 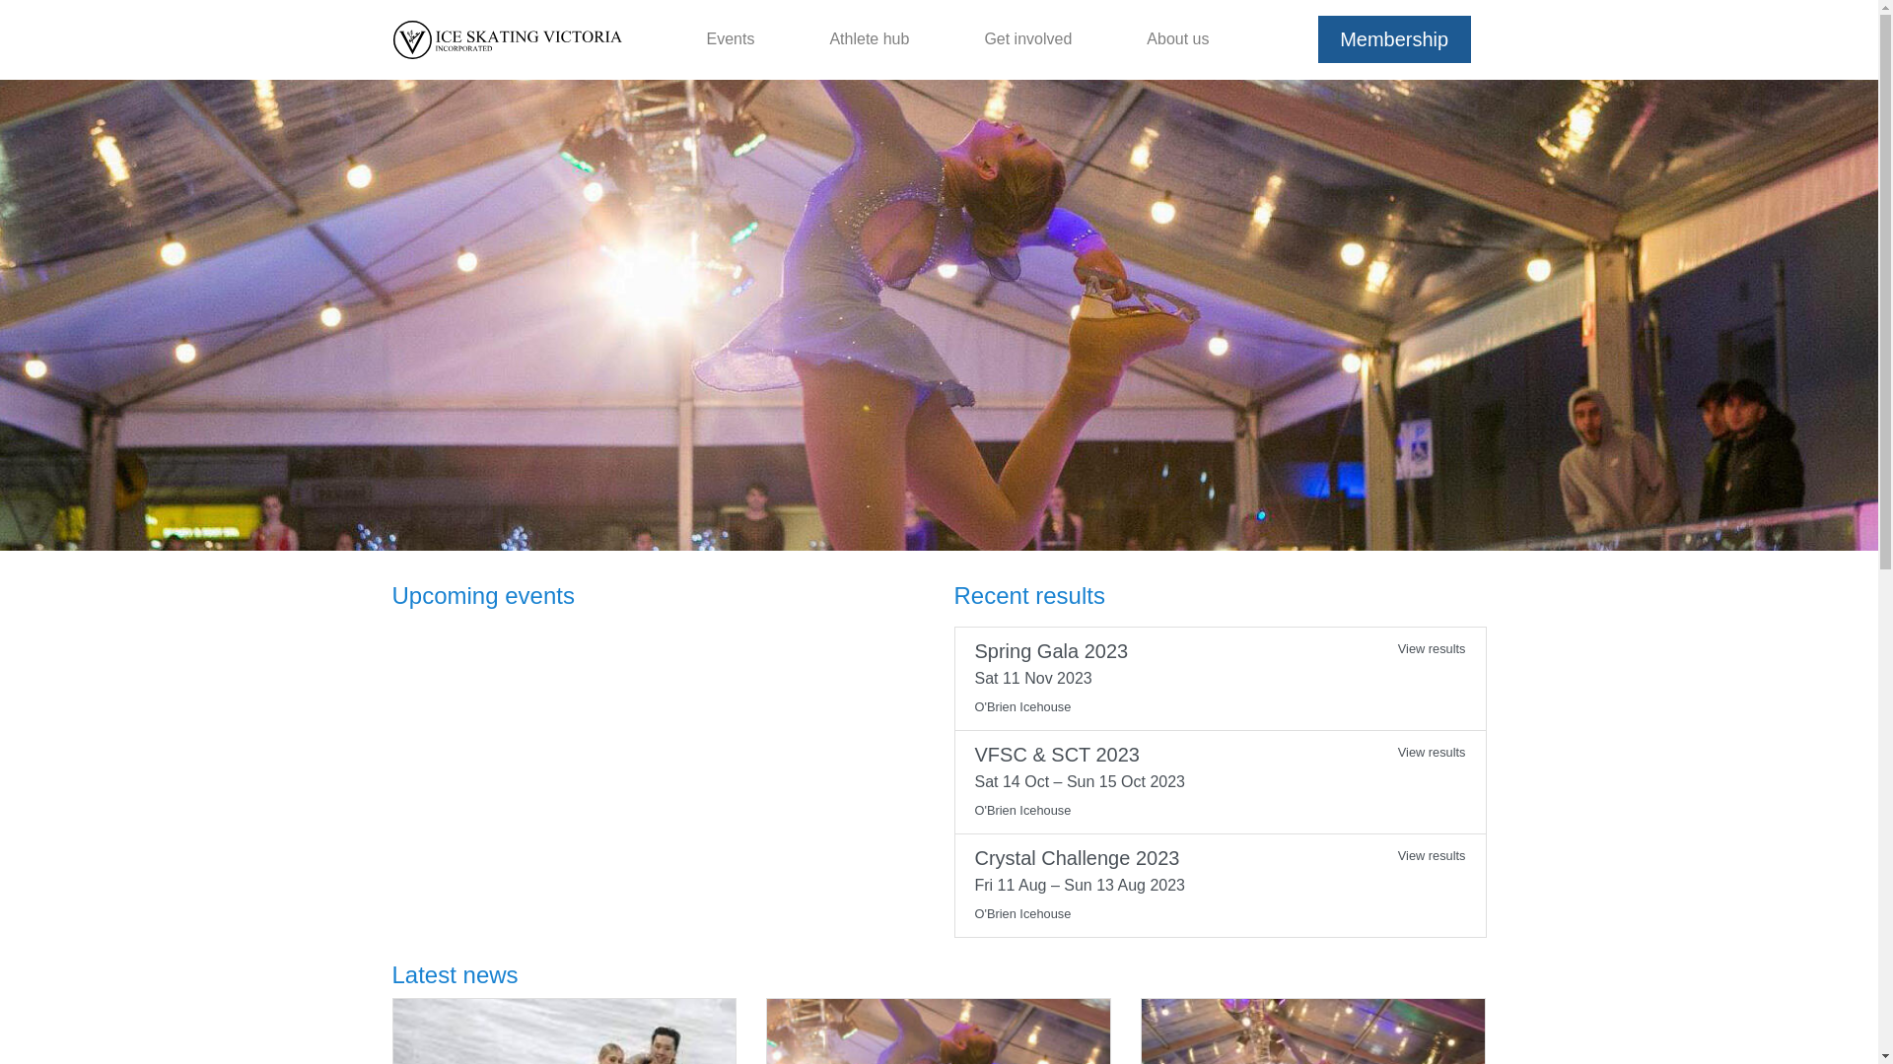 What do you see at coordinates (868, 38) in the screenshot?
I see `'Athlete hub'` at bounding box center [868, 38].